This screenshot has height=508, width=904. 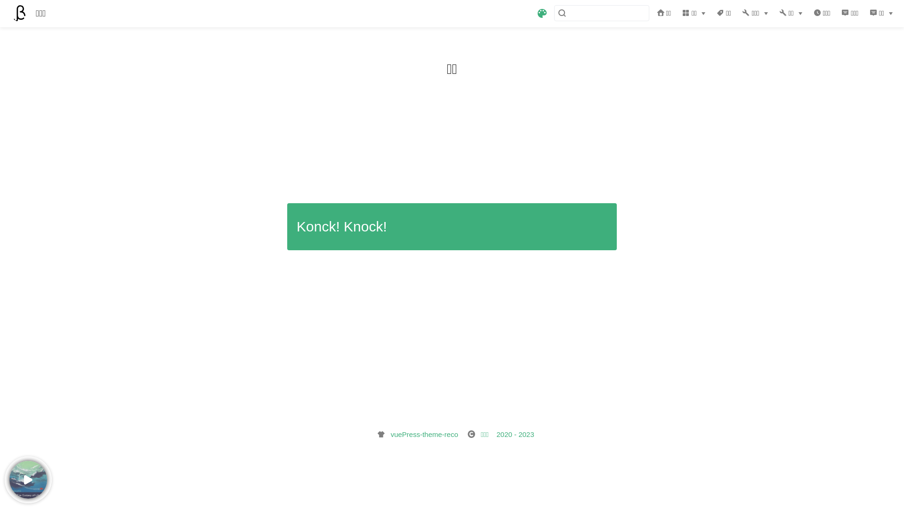 What do you see at coordinates (424, 434) in the screenshot?
I see `'vuePress-theme-reco'` at bounding box center [424, 434].